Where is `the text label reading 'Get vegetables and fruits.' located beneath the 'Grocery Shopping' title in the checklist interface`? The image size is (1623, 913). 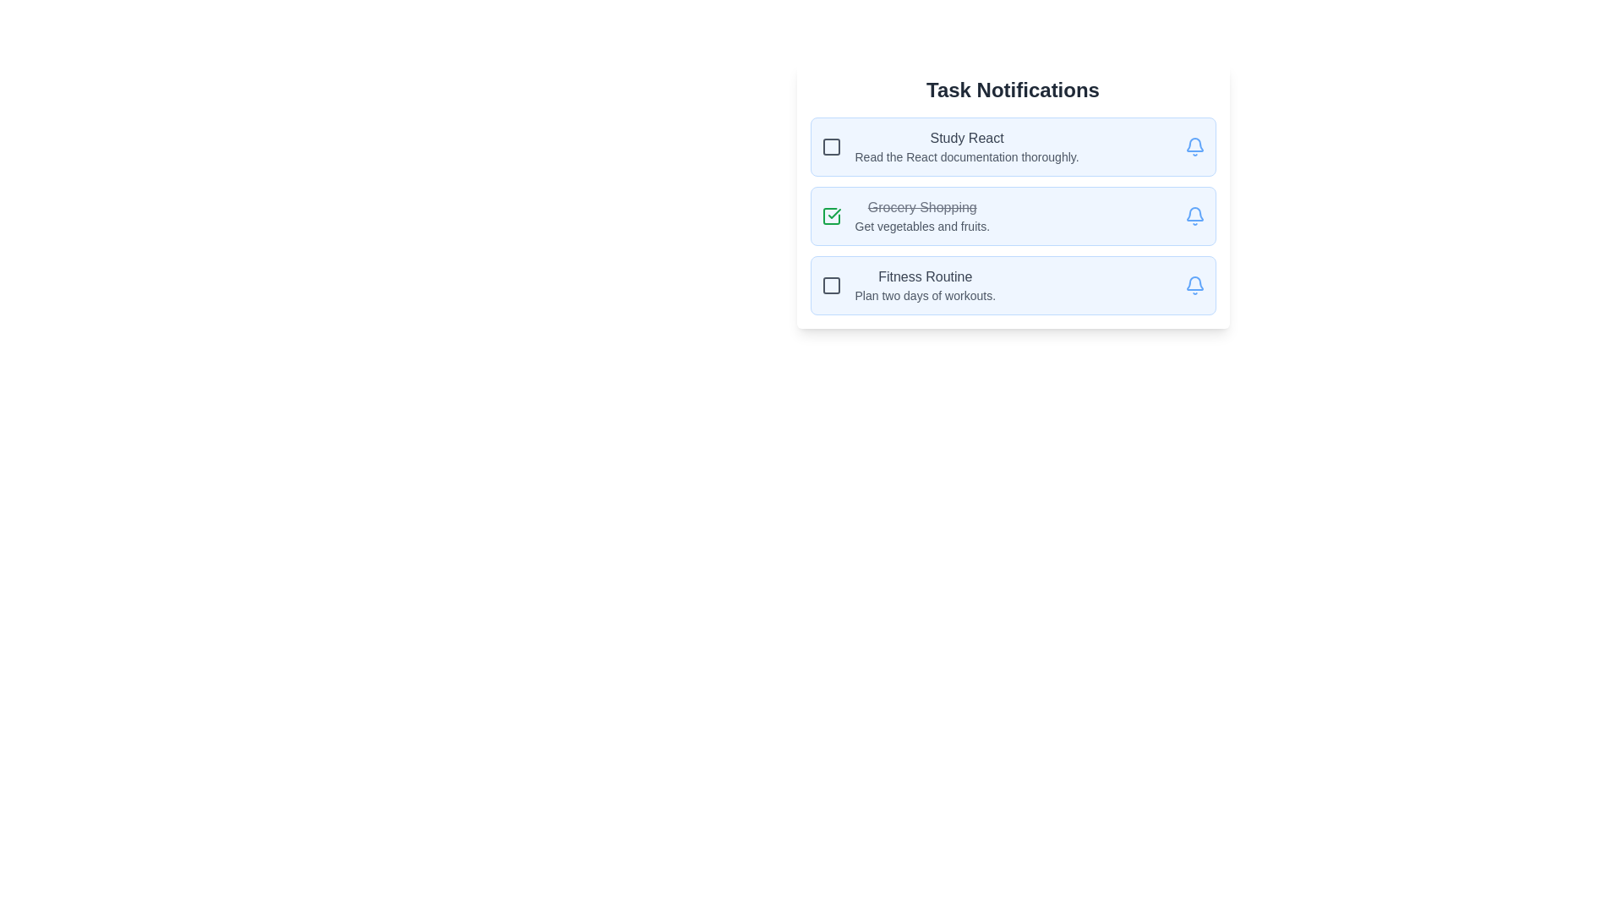 the text label reading 'Get vegetables and fruits.' located beneath the 'Grocery Shopping' title in the checklist interface is located at coordinates (921, 225).